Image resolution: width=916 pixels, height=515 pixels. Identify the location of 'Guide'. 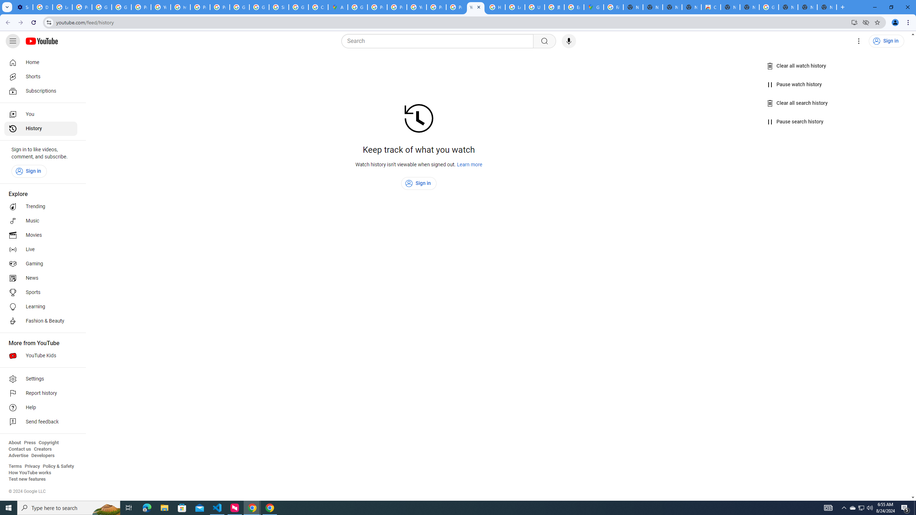
(12, 41).